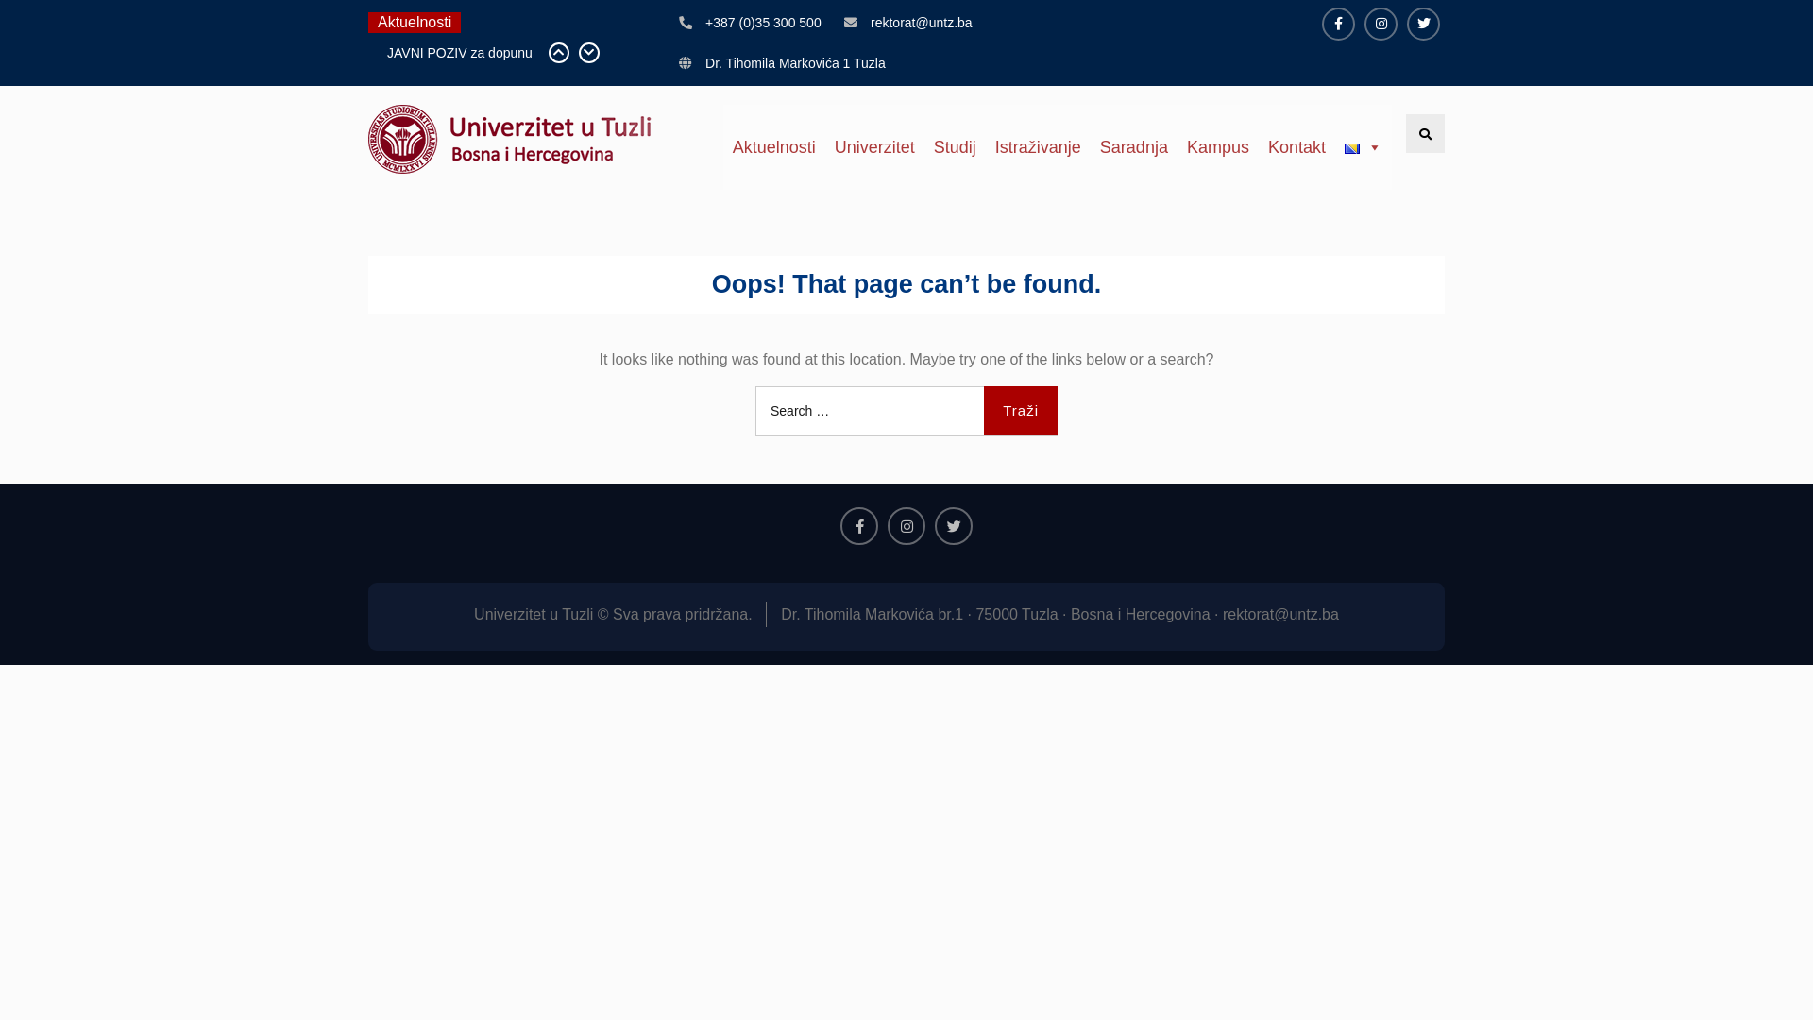  I want to click on 'Facebook', so click(1337, 24).